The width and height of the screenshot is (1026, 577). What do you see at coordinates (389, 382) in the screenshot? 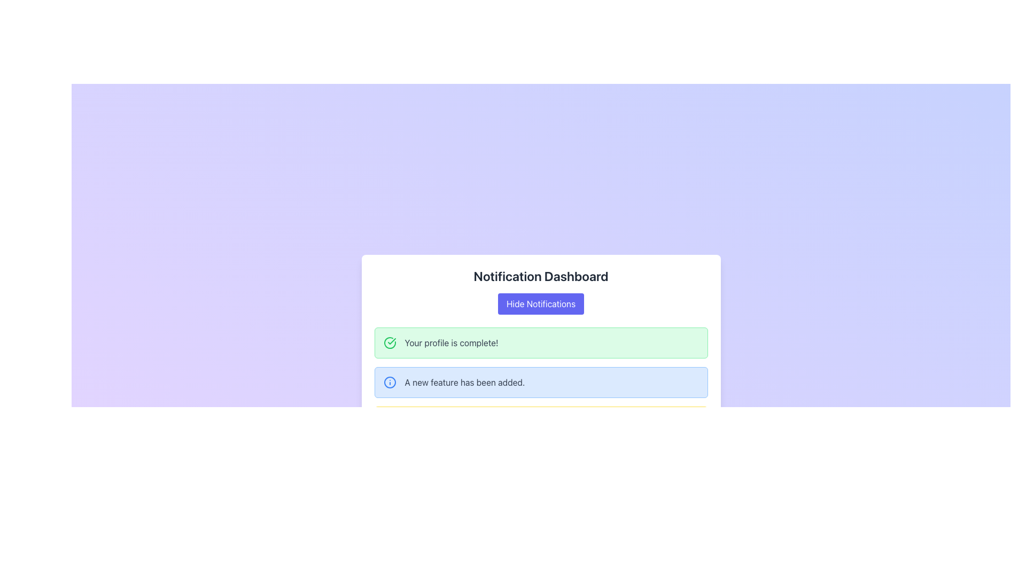
I see `the informational content icon located to the left of the text 'A new feature has been added' in the notification panel` at bounding box center [389, 382].